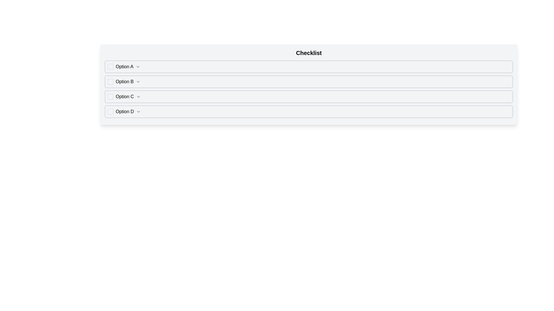 This screenshot has width=554, height=311. Describe the element at coordinates (308, 112) in the screenshot. I see `the Checkbox labeled 'Option D' to toggle focus by clicking on its main body` at that location.